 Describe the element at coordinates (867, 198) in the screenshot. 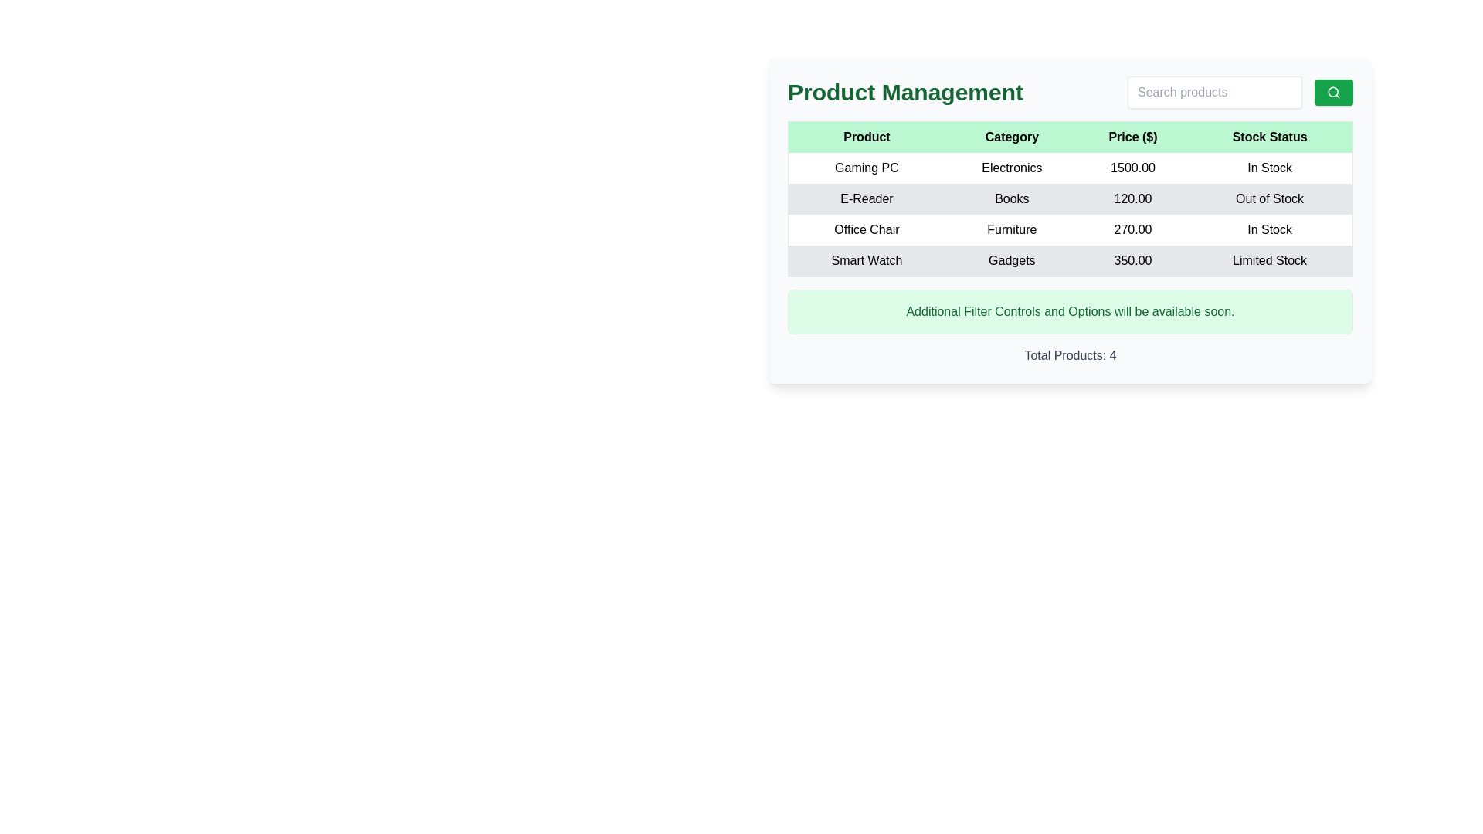

I see `the static textual label that indicates 'E-Reader', located in the first cell of the second row under the 'Product' column` at that location.